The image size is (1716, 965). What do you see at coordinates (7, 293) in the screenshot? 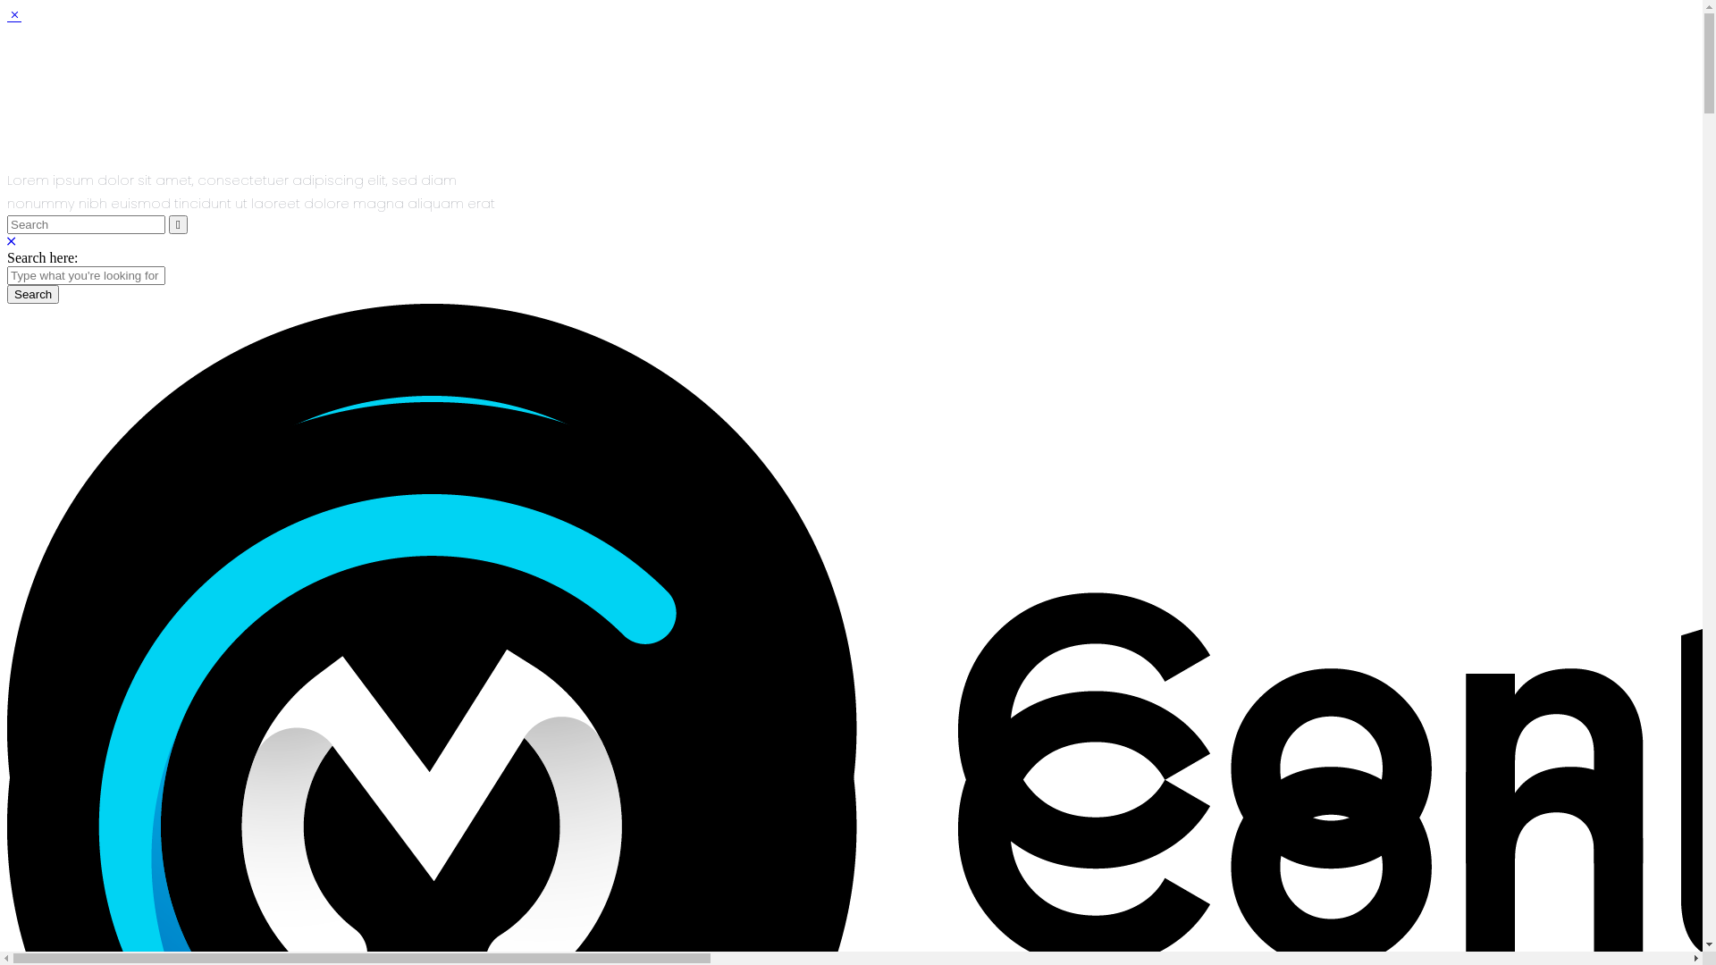
I see `'Search'` at bounding box center [7, 293].